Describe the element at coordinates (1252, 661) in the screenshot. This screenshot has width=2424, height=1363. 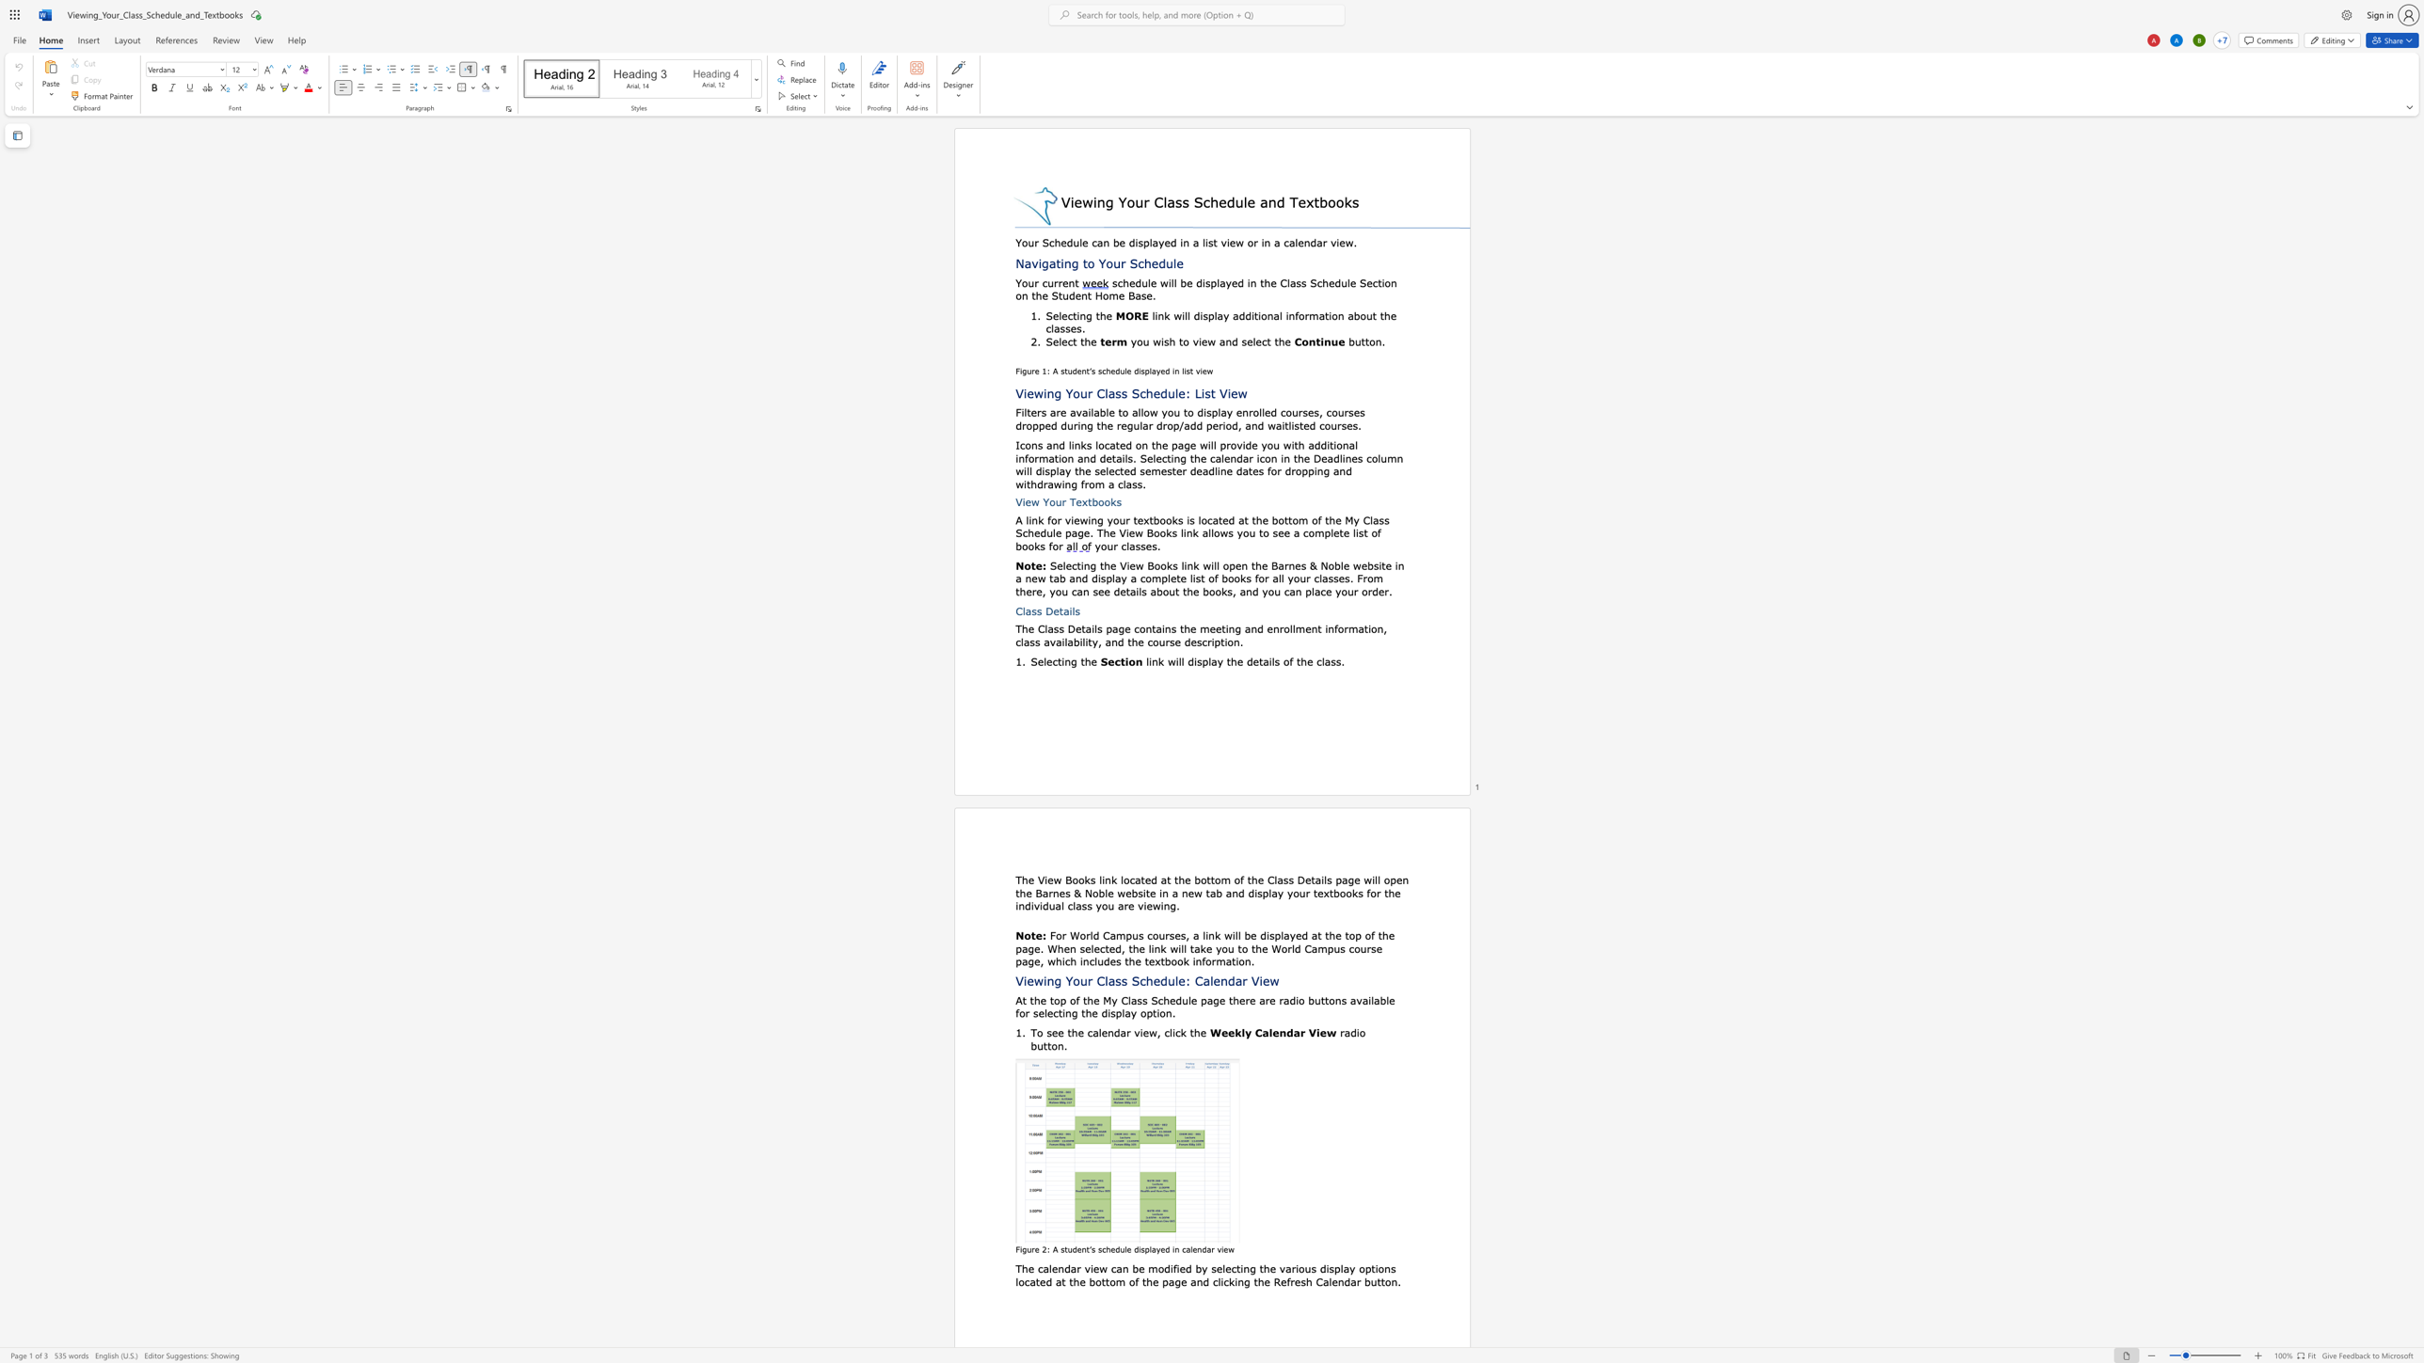
I see `the space between the continuous character "d" and "e" in the text` at that location.